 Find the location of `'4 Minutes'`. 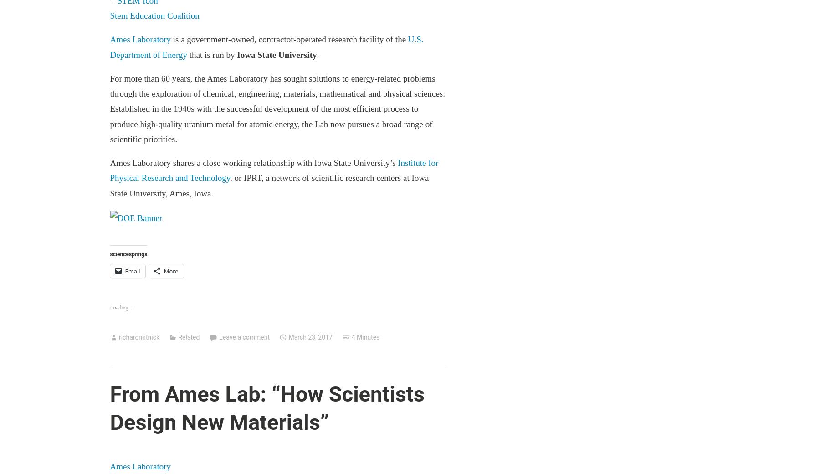

'4 Minutes' is located at coordinates (365, 337).